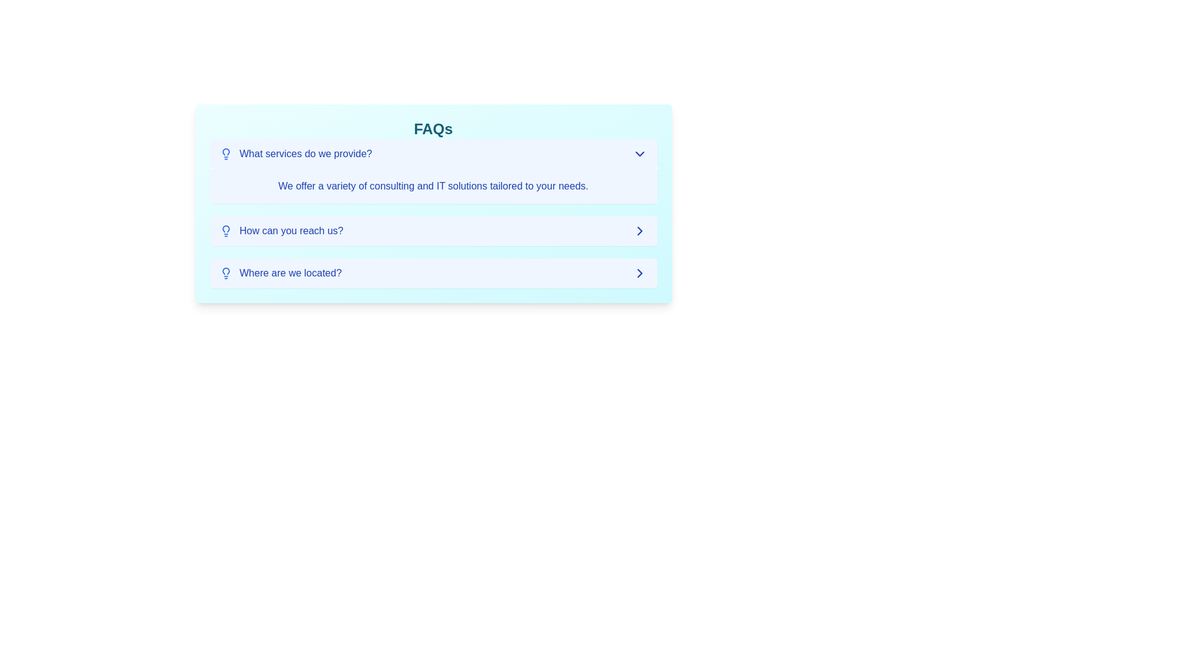 This screenshot has width=1193, height=671. Describe the element at coordinates (639, 231) in the screenshot. I see `the rightward pointing chevron arrow icon located in the third FAQ section next to the question text 'Where are we located?'` at that location.